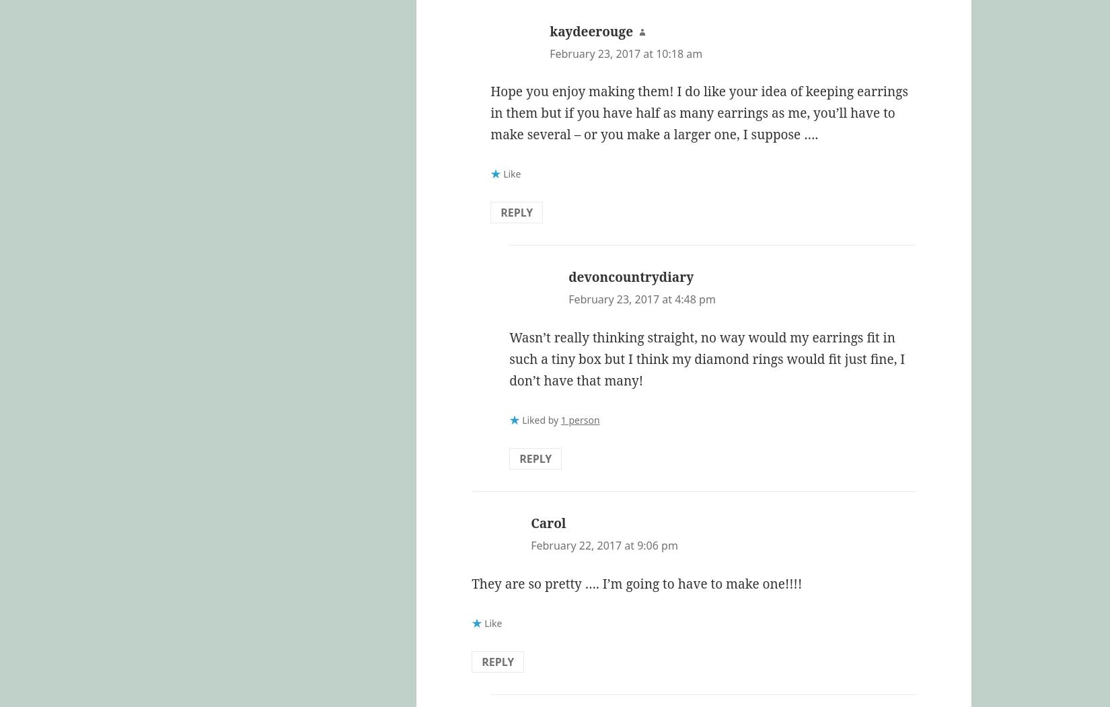 This screenshot has height=707, width=1110. Describe the element at coordinates (699, 112) in the screenshot. I see `'Hope you enjoy making them! I do like your idea of keeping earrings in them but if you have half as many earrings as me, you’ll have to make several – or you make a larger one, I suppose ….'` at that location.